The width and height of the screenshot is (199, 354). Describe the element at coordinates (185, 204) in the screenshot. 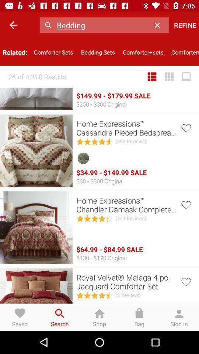

I see `touch` at that location.